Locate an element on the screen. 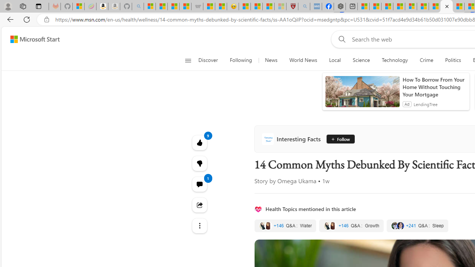 The image size is (475, 267). 'LendingTree' is located at coordinates (425, 104).